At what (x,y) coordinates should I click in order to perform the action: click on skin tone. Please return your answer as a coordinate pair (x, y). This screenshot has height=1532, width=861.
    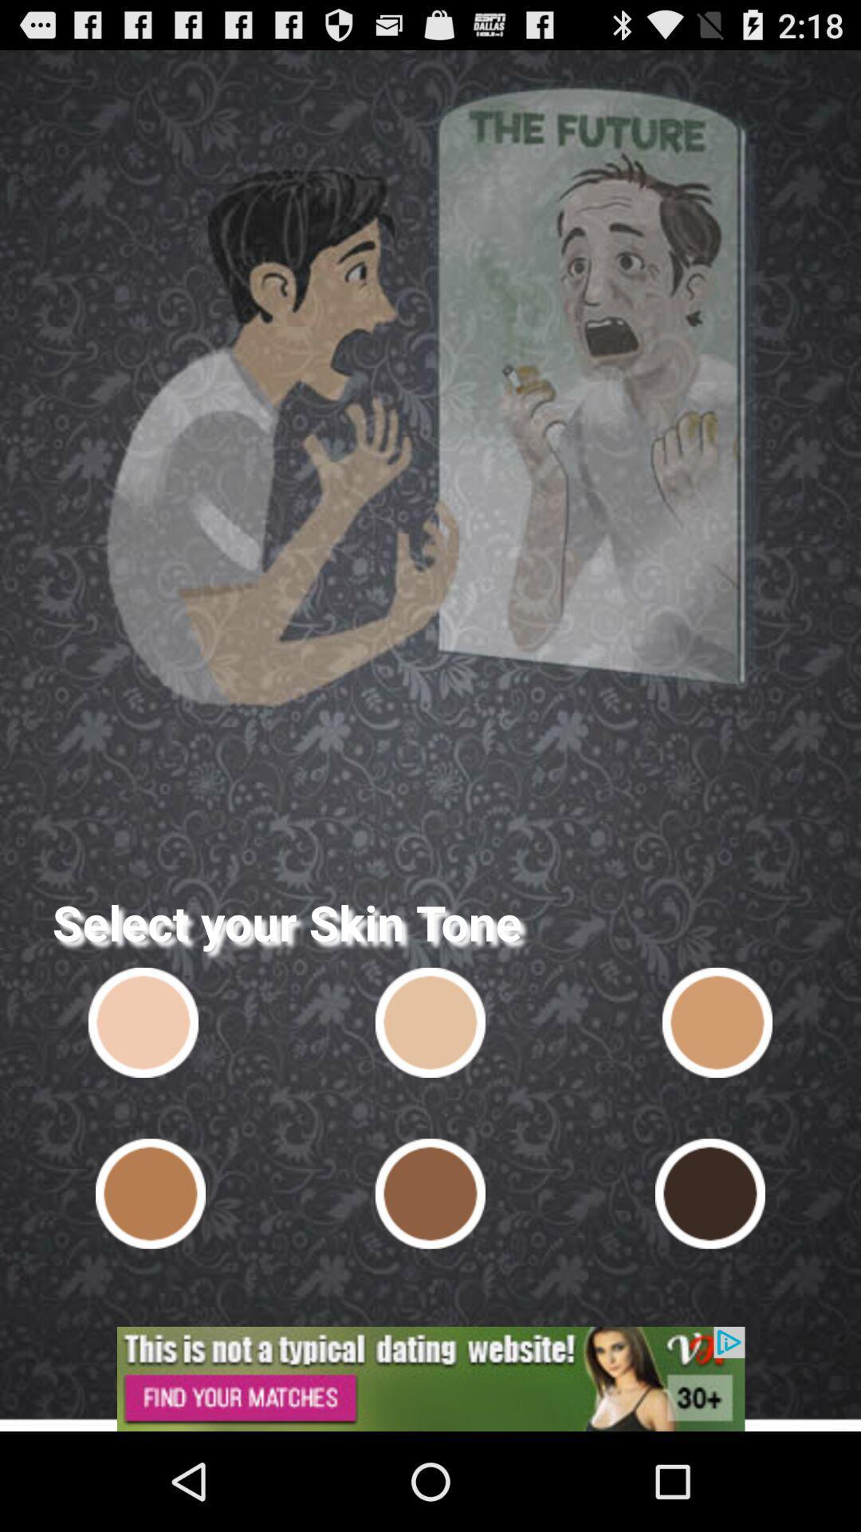
    Looking at the image, I should click on (151, 1194).